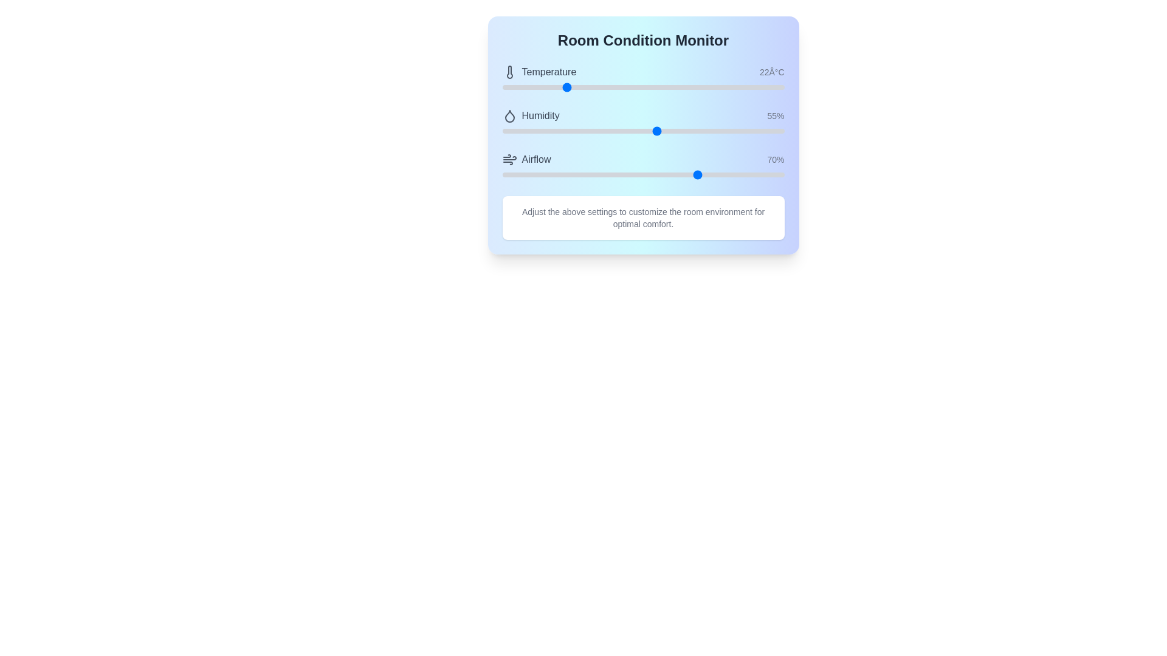 The image size is (1167, 656). What do you see at coordinates (544, 175) in the screenshot?
I see `airflow level` at bounding box center [544, 175].